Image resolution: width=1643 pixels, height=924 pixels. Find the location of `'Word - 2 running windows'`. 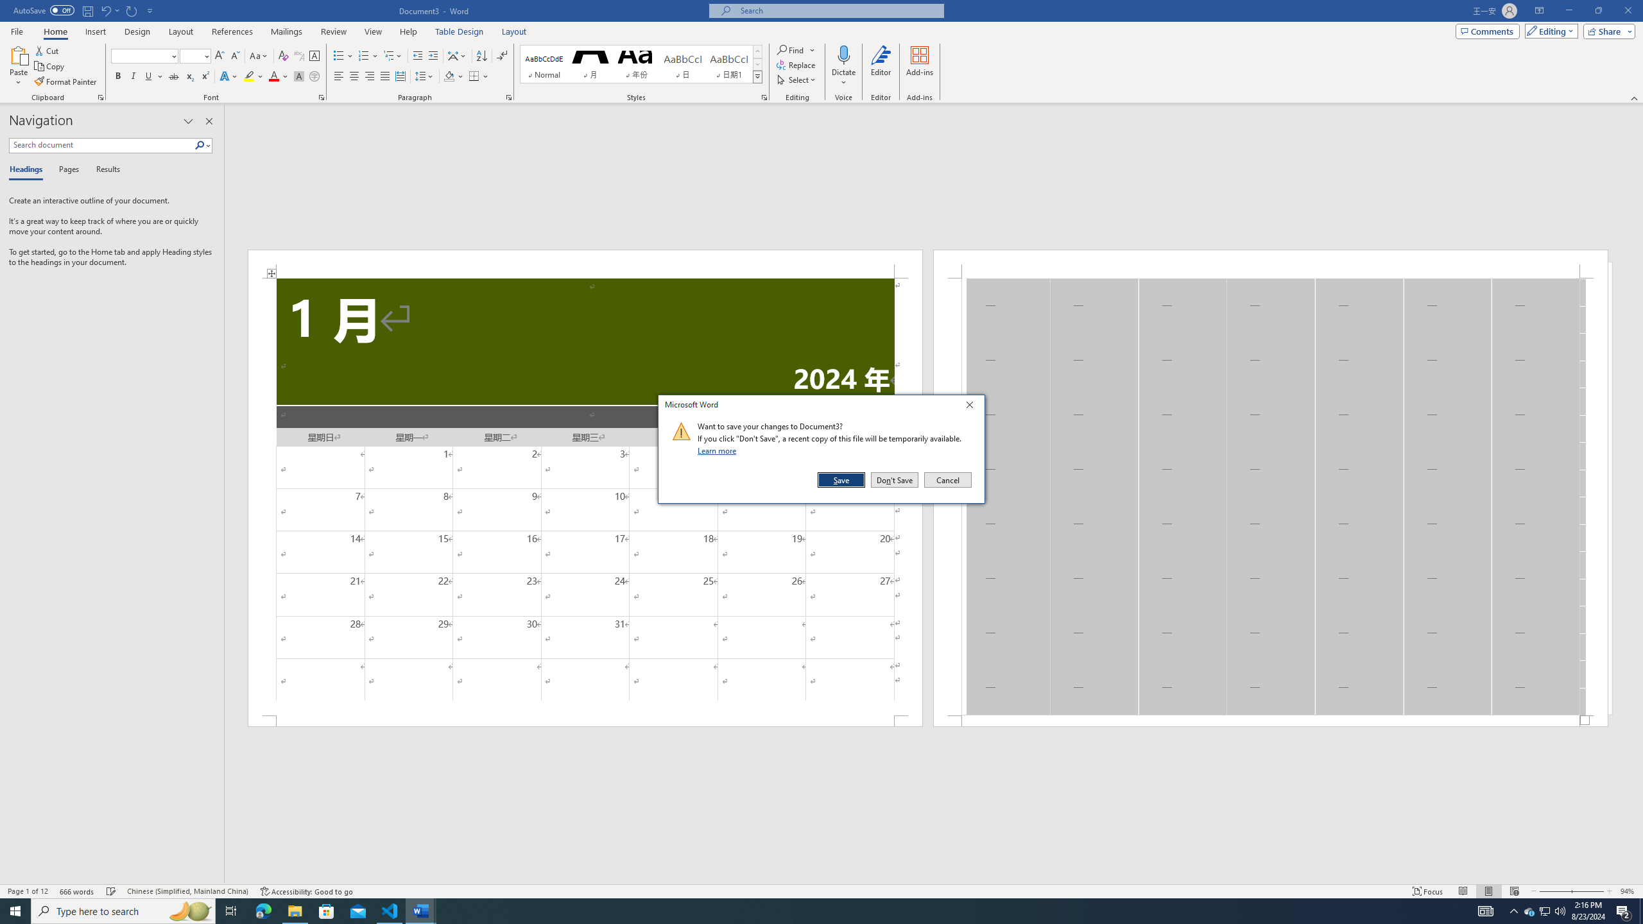

'Word - 2 running windows' is located at coordinates (421, 910).